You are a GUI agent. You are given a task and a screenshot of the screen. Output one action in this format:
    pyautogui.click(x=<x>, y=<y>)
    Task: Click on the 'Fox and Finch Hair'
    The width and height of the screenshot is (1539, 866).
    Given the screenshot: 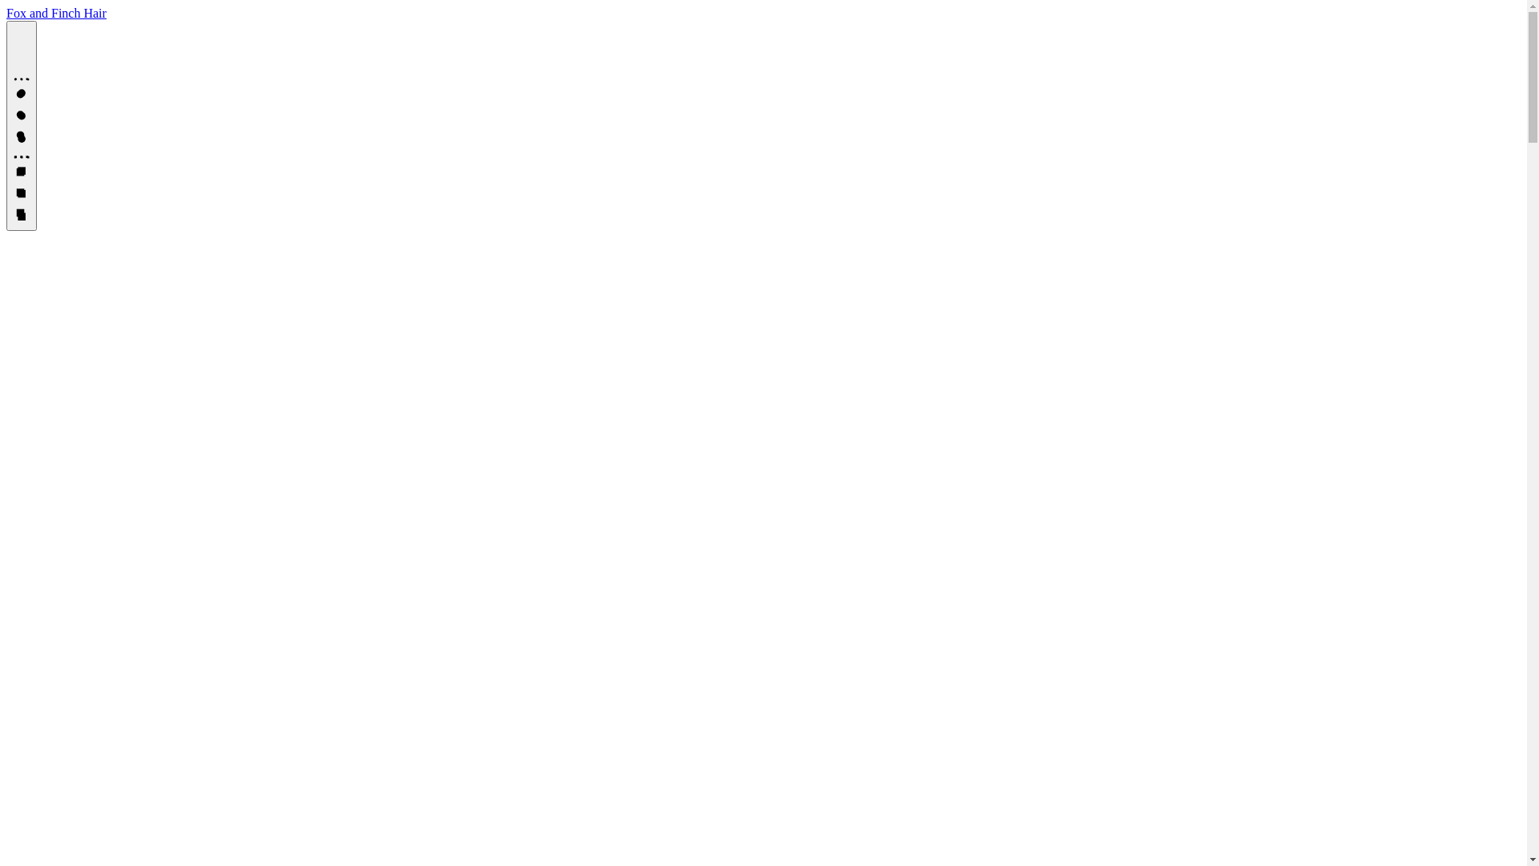 What is the action you would take?
    pyautogui.click(x=56, y=13)
    